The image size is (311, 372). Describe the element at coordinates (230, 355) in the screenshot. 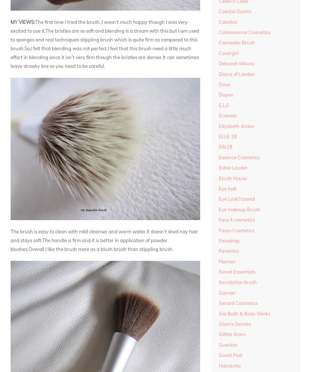

I see `'Guest Post'` at that location.